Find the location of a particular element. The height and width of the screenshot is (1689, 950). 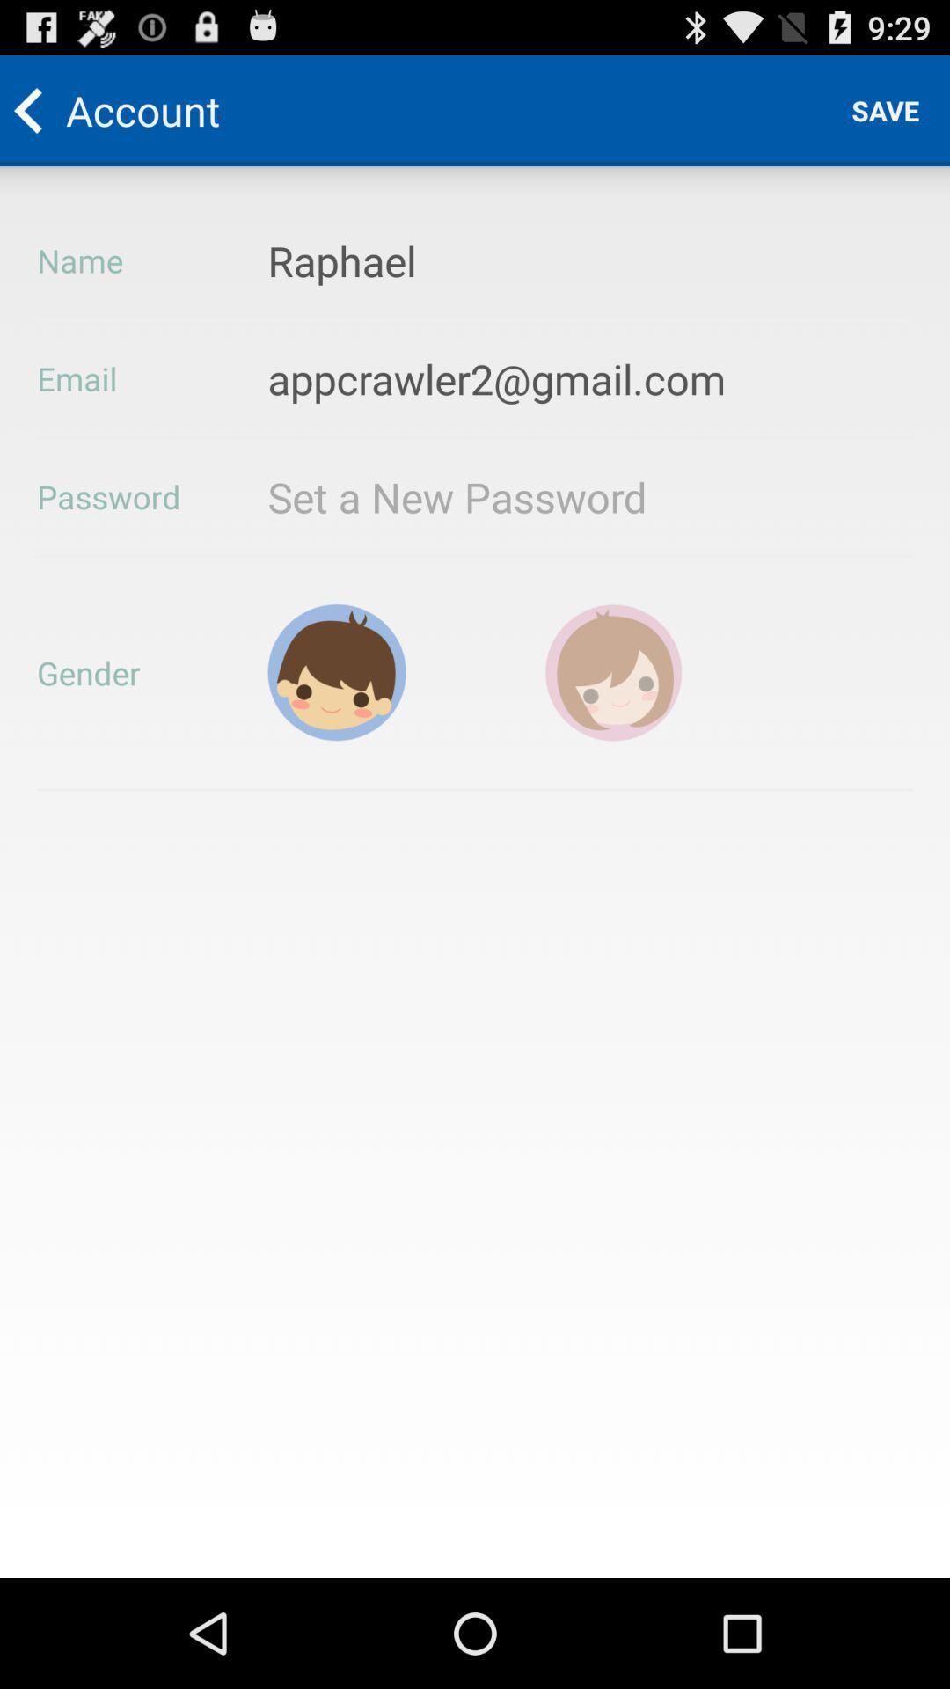

this is a face book account is located at coordinates (613, 671).